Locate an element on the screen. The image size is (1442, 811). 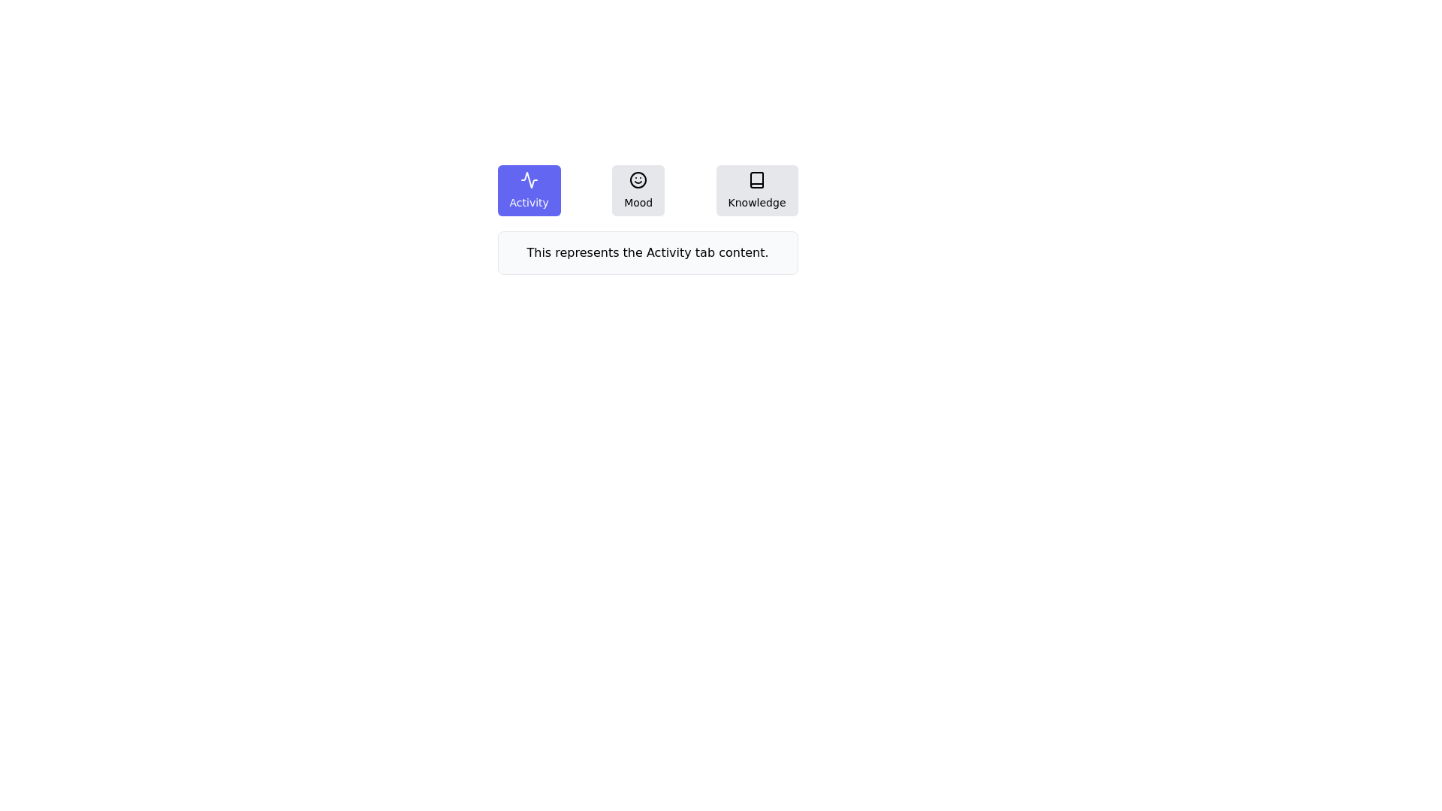
the button located in the middle of a row of three buttons is located at coordinates (638, 190).